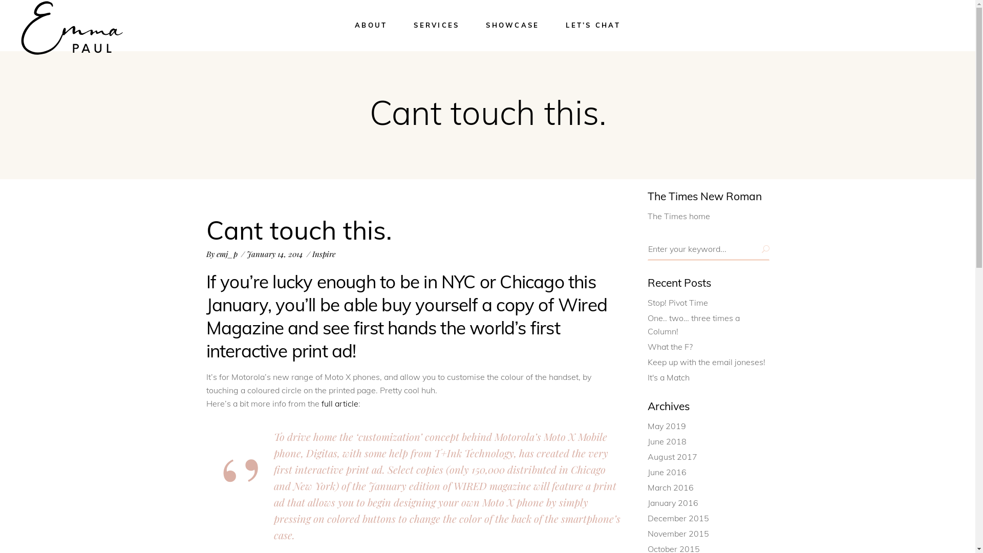 The image size is (983, 553). Describe the element at coordinates (370, 25) in the screenshot. I see `'ABOUT'` at that location.